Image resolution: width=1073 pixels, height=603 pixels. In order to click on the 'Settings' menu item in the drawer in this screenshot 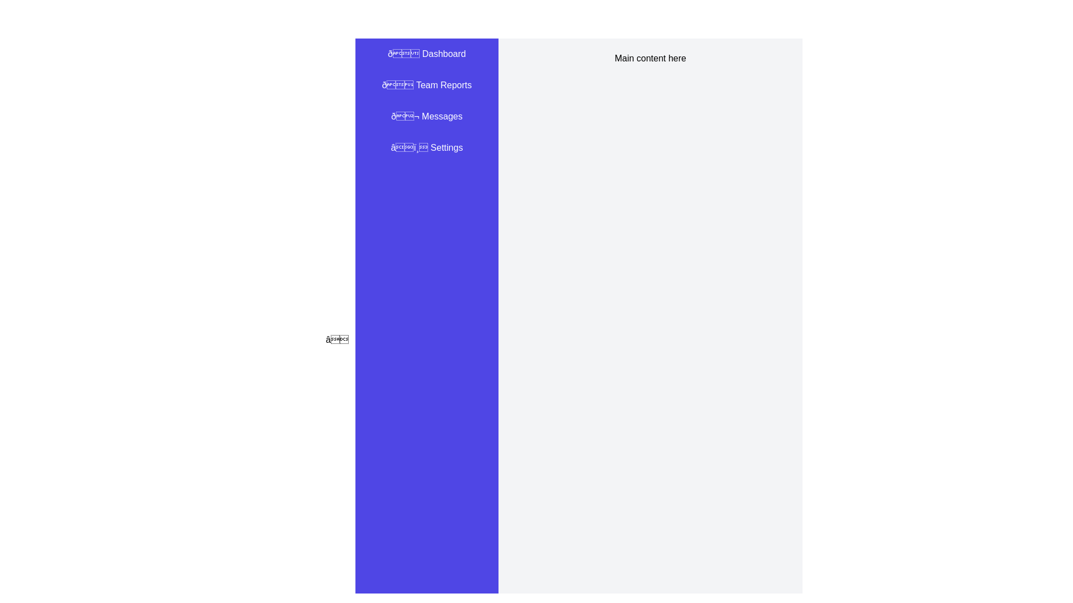, I will do `click(426, 147)`.